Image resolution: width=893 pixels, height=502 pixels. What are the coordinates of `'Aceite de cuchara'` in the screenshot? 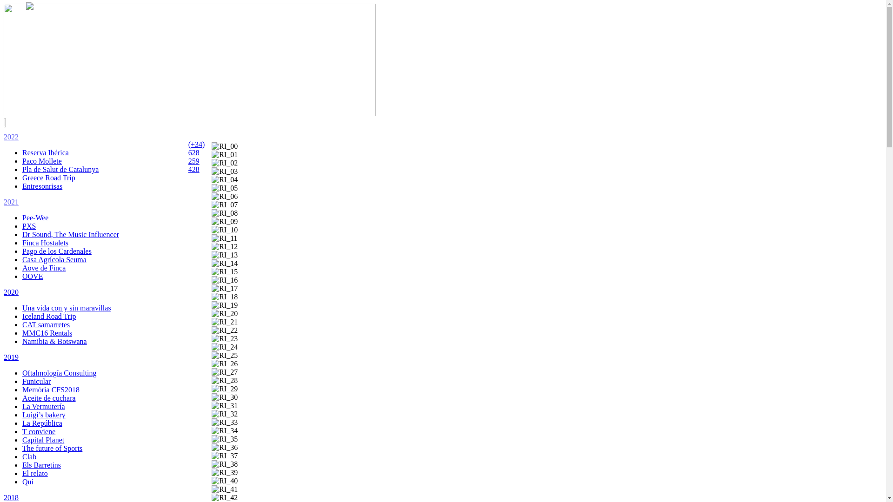 It's located at (48, 397).